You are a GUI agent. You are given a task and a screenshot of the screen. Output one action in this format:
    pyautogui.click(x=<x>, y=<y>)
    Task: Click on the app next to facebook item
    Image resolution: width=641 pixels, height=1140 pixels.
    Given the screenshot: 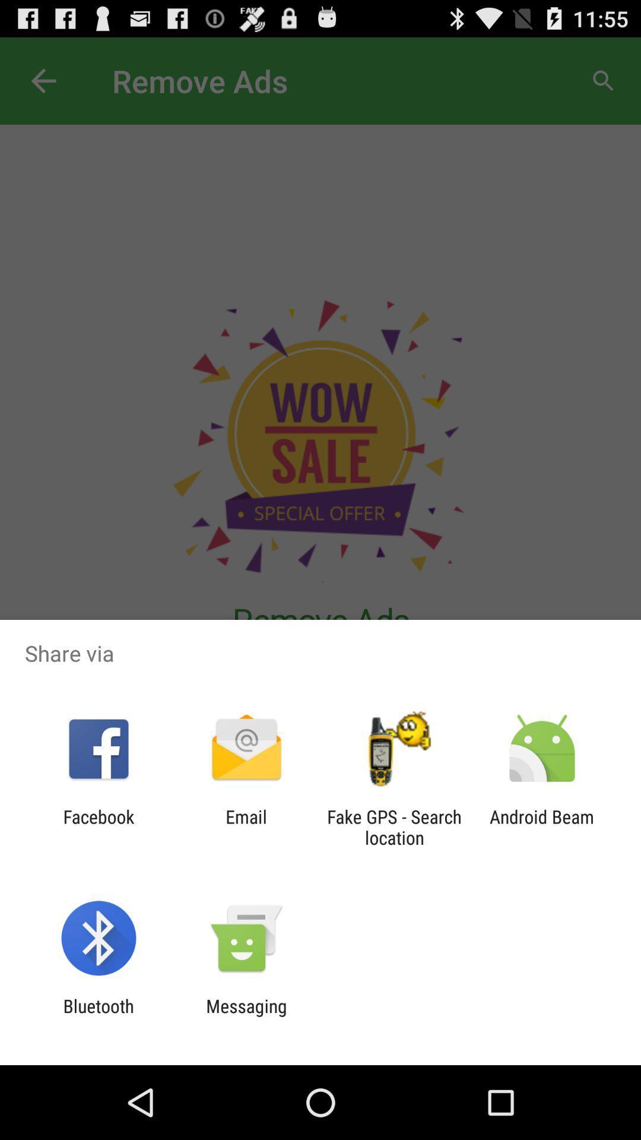 What is the action you would take?
    pyautogui.click(x=246, y=826)
    